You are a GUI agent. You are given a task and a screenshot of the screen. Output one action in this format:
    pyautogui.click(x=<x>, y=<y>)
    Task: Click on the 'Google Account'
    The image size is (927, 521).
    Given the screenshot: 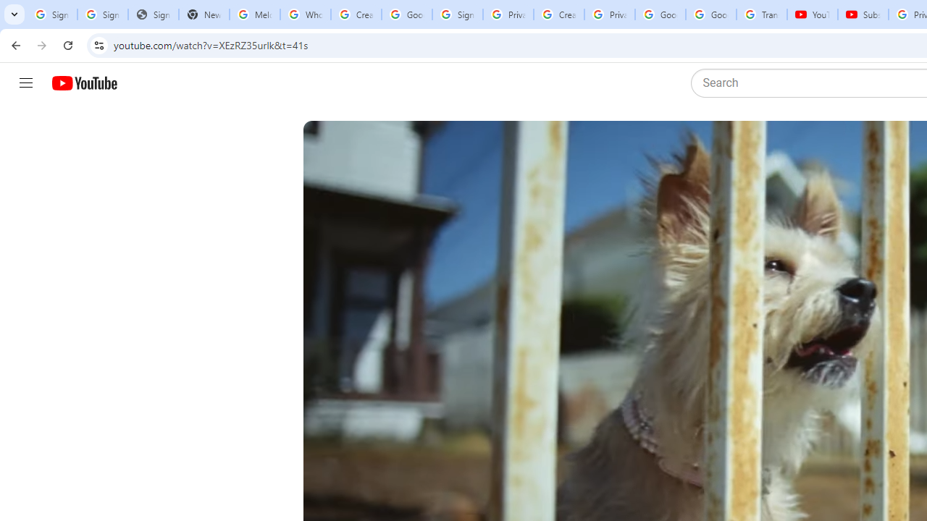 What is the action you would take?
    pyautogui.click(x=711, y=14)
    